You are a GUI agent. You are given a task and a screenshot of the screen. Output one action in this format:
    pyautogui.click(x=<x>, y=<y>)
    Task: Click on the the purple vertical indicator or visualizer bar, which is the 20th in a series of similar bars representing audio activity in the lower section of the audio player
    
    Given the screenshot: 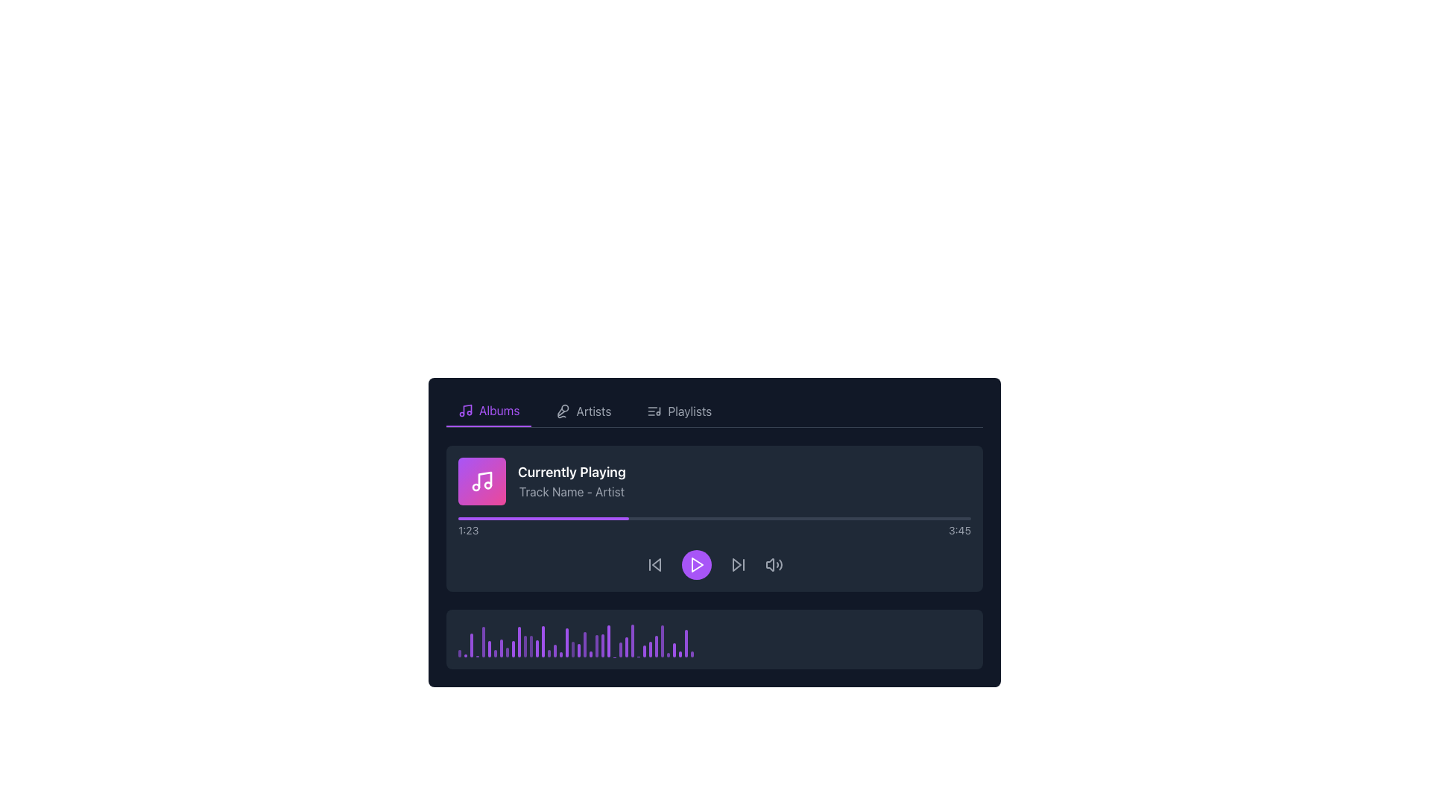 What is the action you would take?
    pyautogui.click(x=572, y=648)
    